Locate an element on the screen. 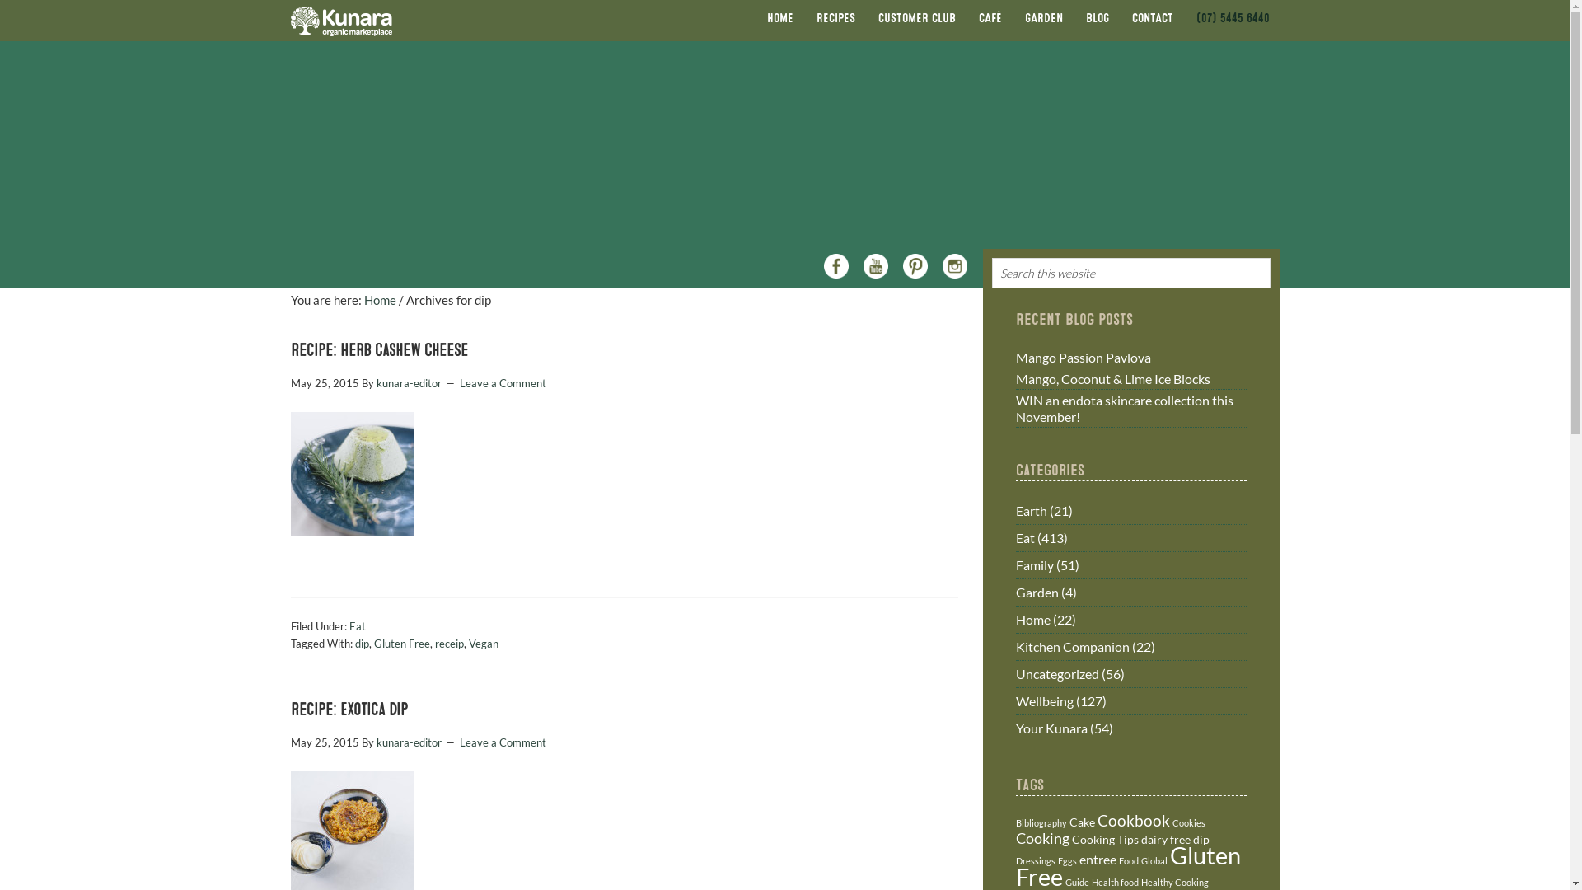 This screenshot has height=890, width=1582. 'Cooking Tips' is located at coordinates (1104, 839).